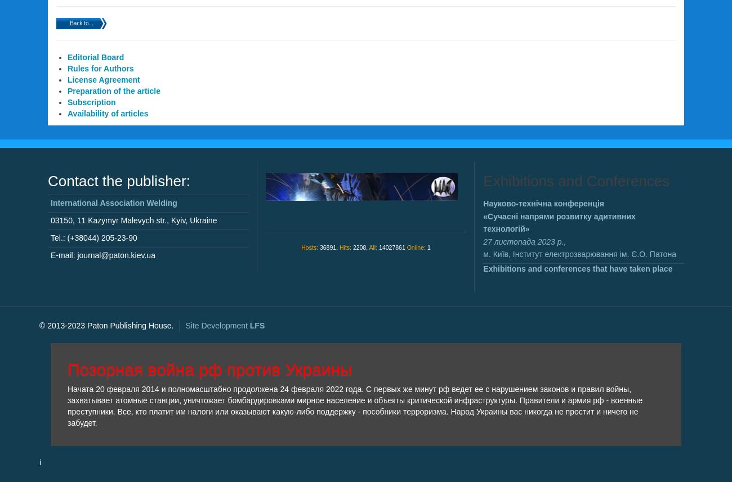 Image resolution: width=732 pixels, height=482 pixels. I want to click on 'Rules for Authors', so click(66, 67).